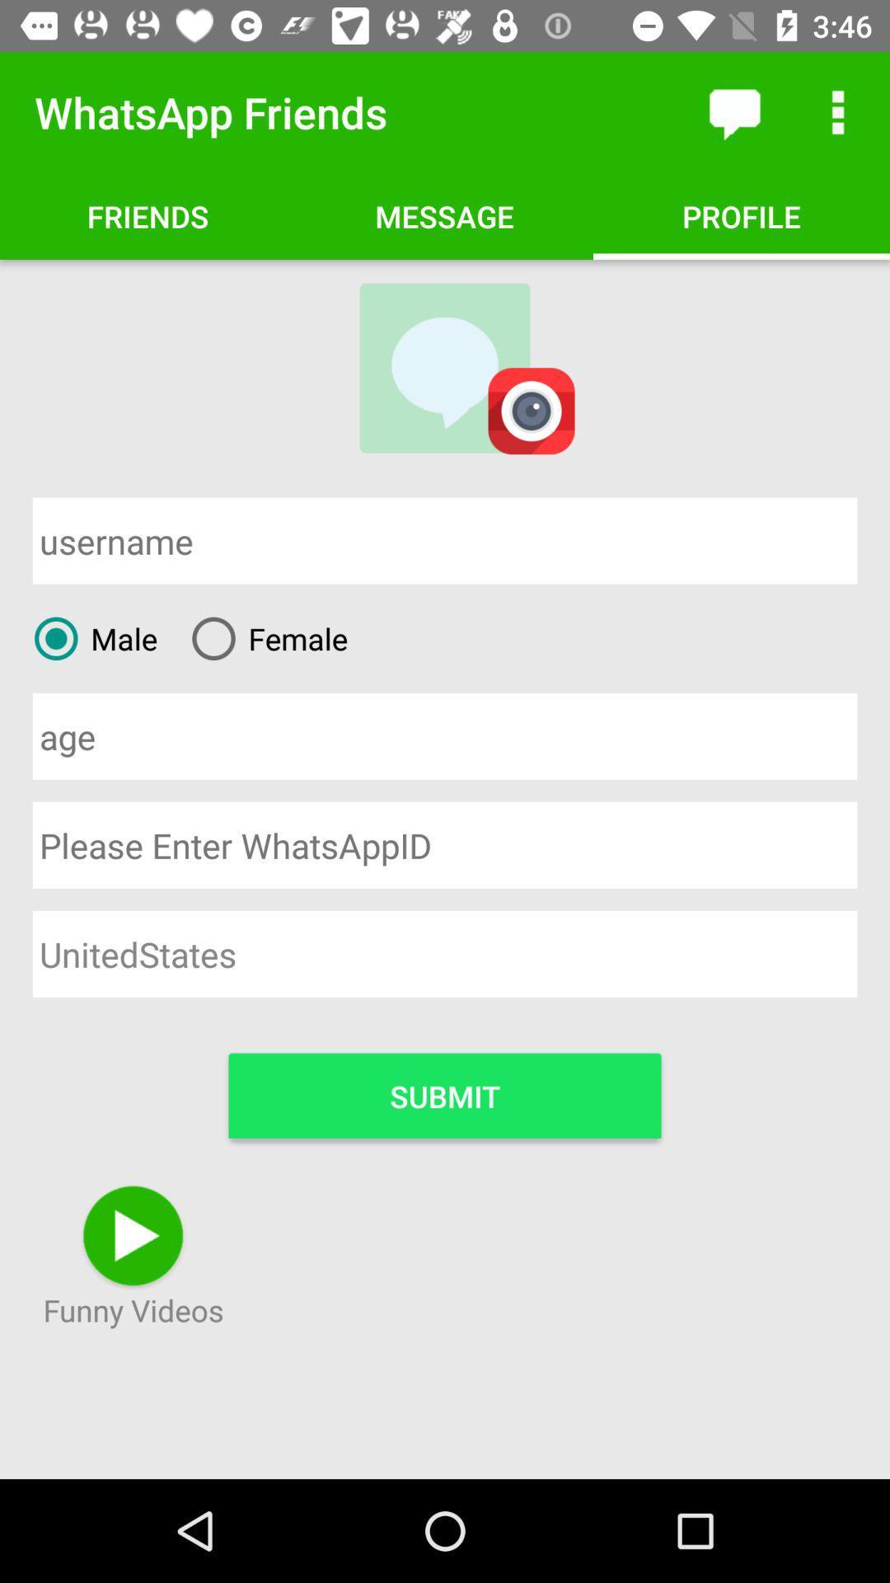 This screenshot has width=890, height=1583. Describe the element at coordinates (733, 111) in the screenshot. I see `new message` at that location.